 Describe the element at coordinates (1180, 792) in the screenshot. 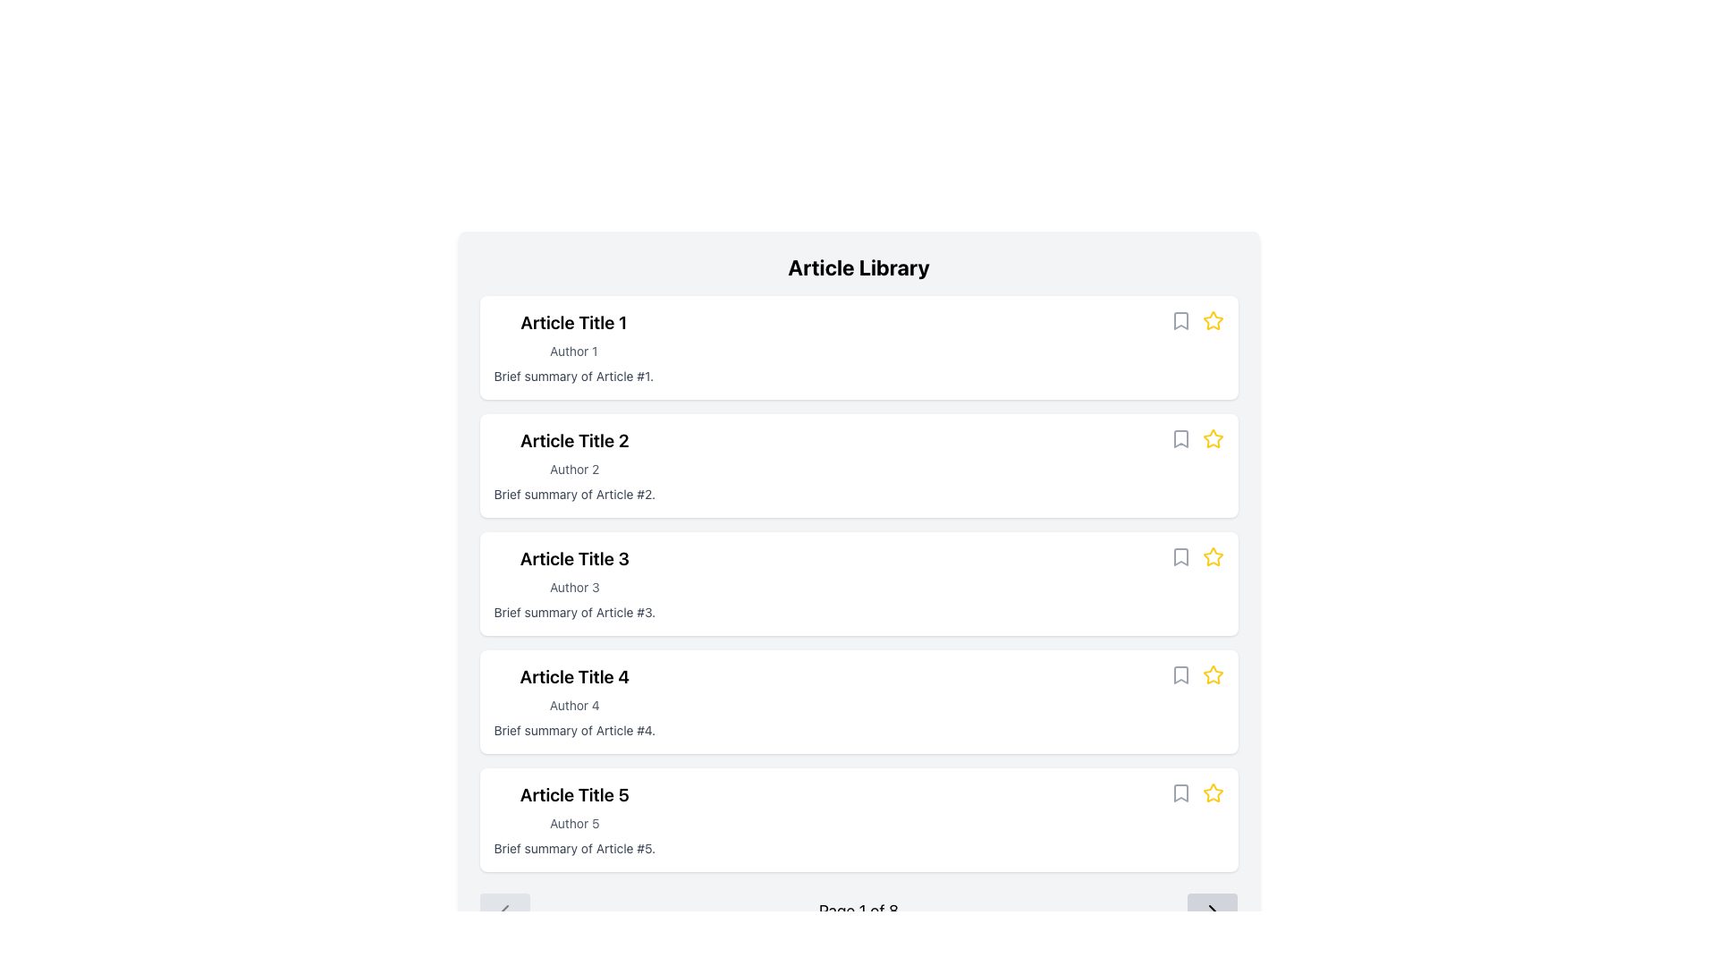

I see `the gray bookmark icon located at the far right of the fifth list item in the vertical list titled 'Article Library' to bookmark the article` at that location.